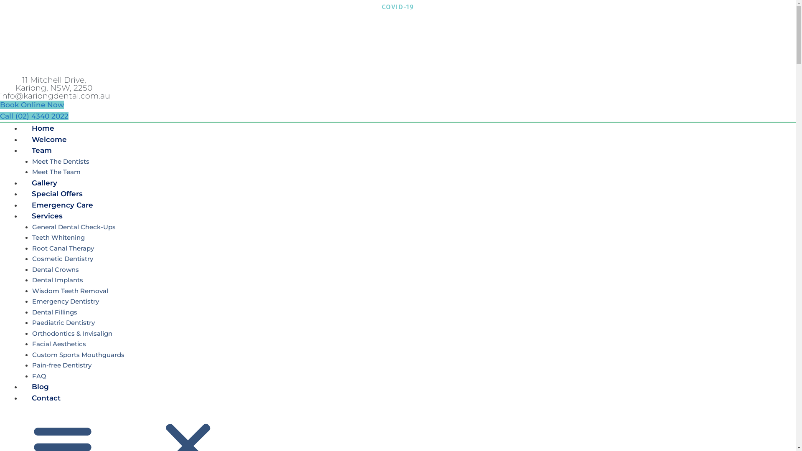 The image size is (802, 451). What do you see at coordinates (70, 290) in the screenshot?
I see `'Wisdom Teeth Removal'` at bounding box center [70, 290].